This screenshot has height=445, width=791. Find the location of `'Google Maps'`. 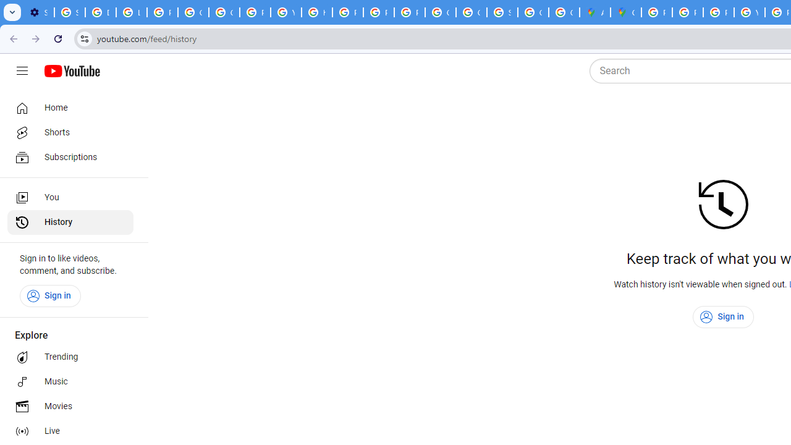

'Google Maps' is located at coordinates (626, 12).